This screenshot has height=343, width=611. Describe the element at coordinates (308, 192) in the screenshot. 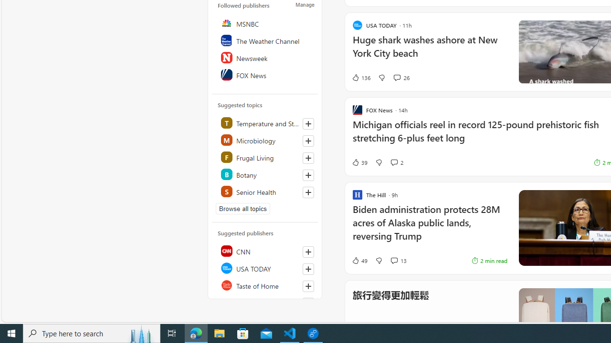

I see `'Follow this topic'` at that location.